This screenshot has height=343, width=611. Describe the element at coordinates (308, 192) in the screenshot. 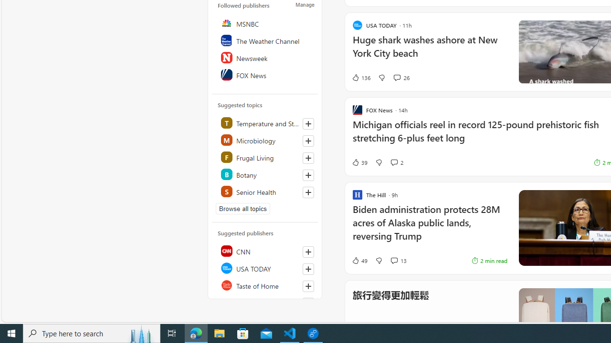

I see `'Follow this topic'` at that location.